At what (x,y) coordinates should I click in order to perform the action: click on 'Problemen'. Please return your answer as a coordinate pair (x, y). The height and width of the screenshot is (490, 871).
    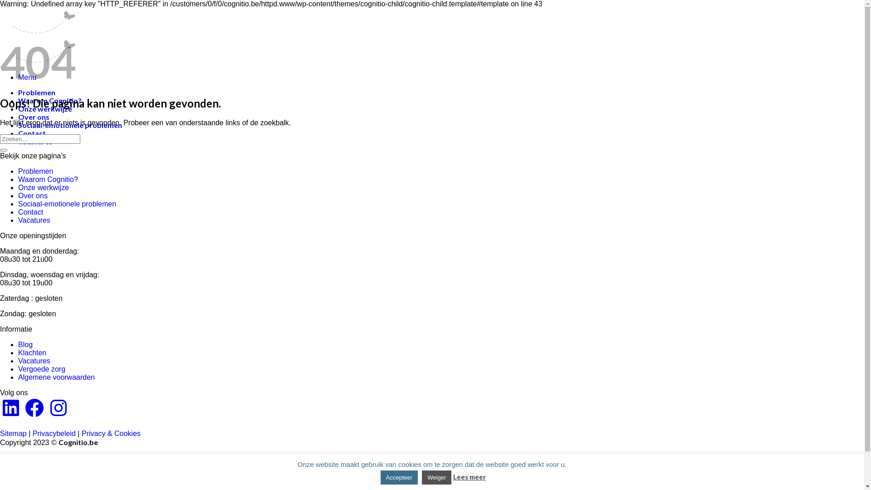
    Looking at the image, I should click on (35, 171).